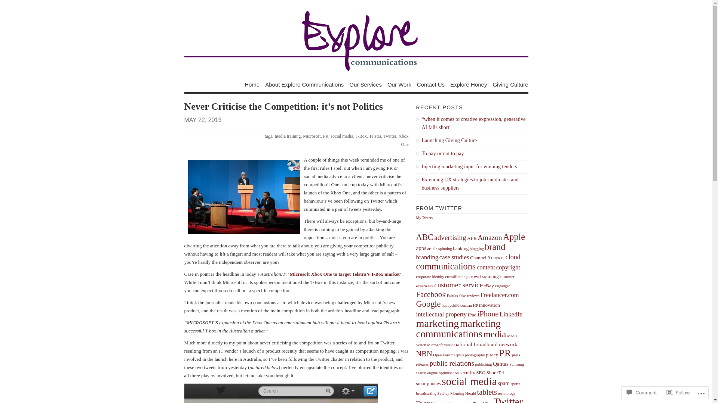 This screenshot has width=718, height=403. I want to click on 'Explore Honey', so click(468, 84).